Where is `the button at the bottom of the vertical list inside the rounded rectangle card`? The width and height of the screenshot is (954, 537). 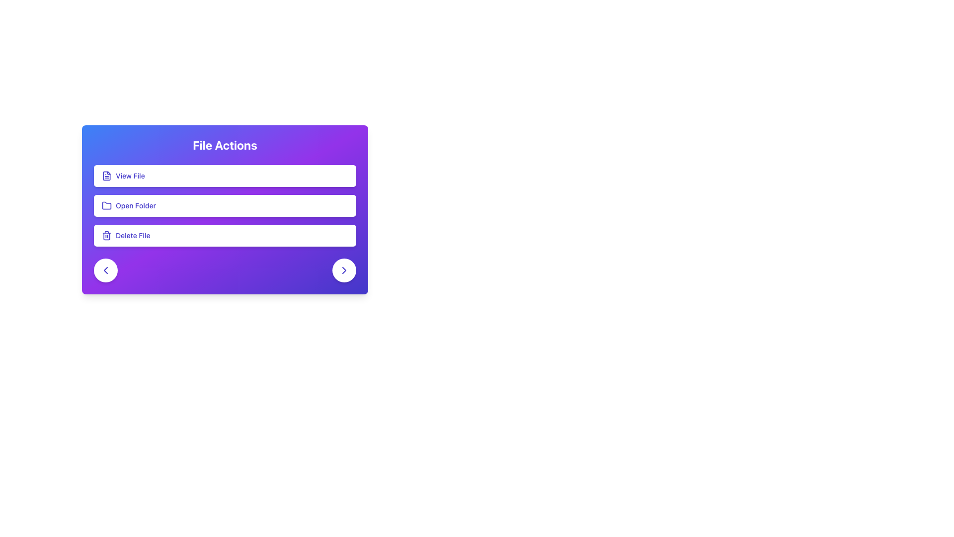 the button at the bottom of the vertical list inside the rounded rectangle card is located at coordinates (125, 236).